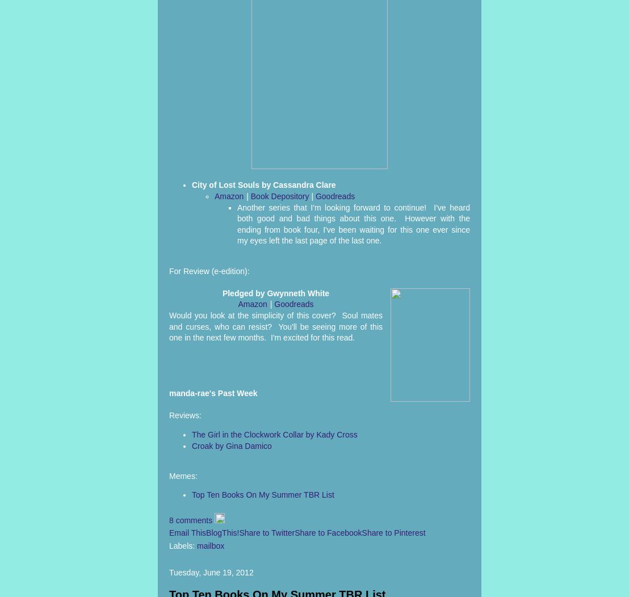 Image resolution: width=629 pixels, height=597 pixels. What do you see at coordinates (353, 224) in the screenshot?
I see `'Another series that I'm looking forward to continue!  I've heard both good and bad things about this one.  However with the ending from book four, I've been waiting for this one ever since my eyes left the last page of the last one.'` at bounding box center [353, 224].